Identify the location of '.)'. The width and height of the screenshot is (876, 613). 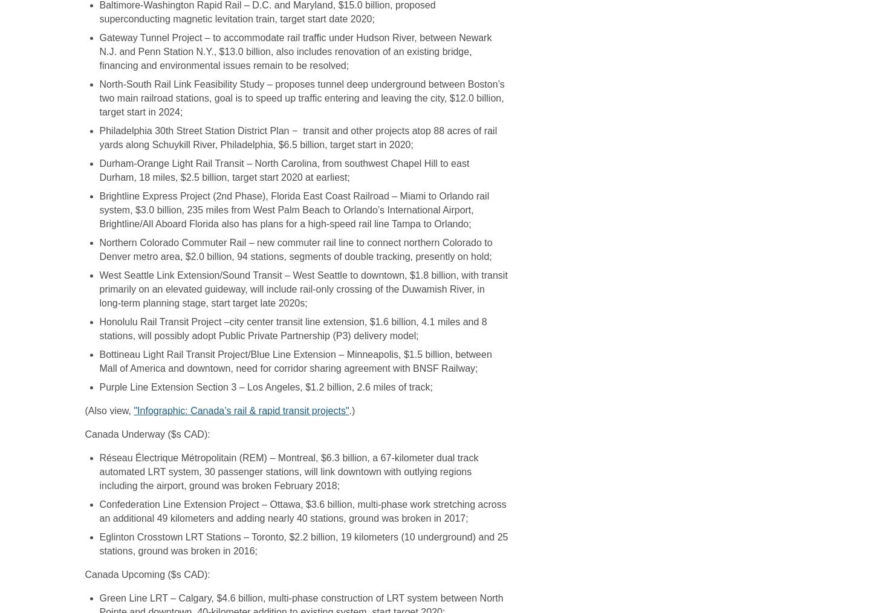
(351, 410).